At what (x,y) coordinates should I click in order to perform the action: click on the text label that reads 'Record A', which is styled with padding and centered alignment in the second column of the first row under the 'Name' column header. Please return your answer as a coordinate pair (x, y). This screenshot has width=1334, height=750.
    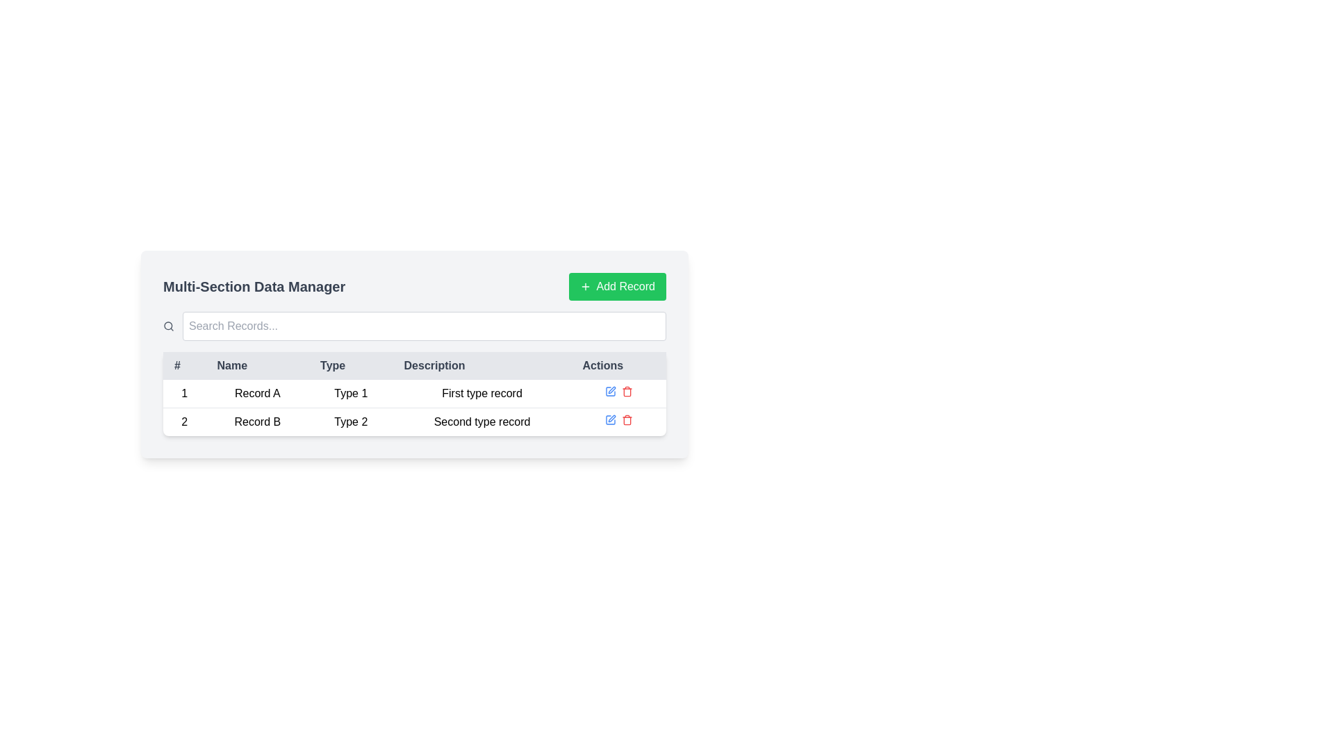
    Looking at the image, I should click on (257, 394).